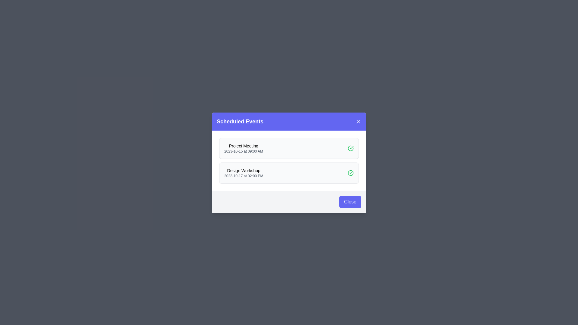 The height and width of the screenshot is (325, 578). I want to click on the close button located at the top-right corner of the 'Scheduled Events' modal header by navigating through the keyboard tab, so click(358, 121).